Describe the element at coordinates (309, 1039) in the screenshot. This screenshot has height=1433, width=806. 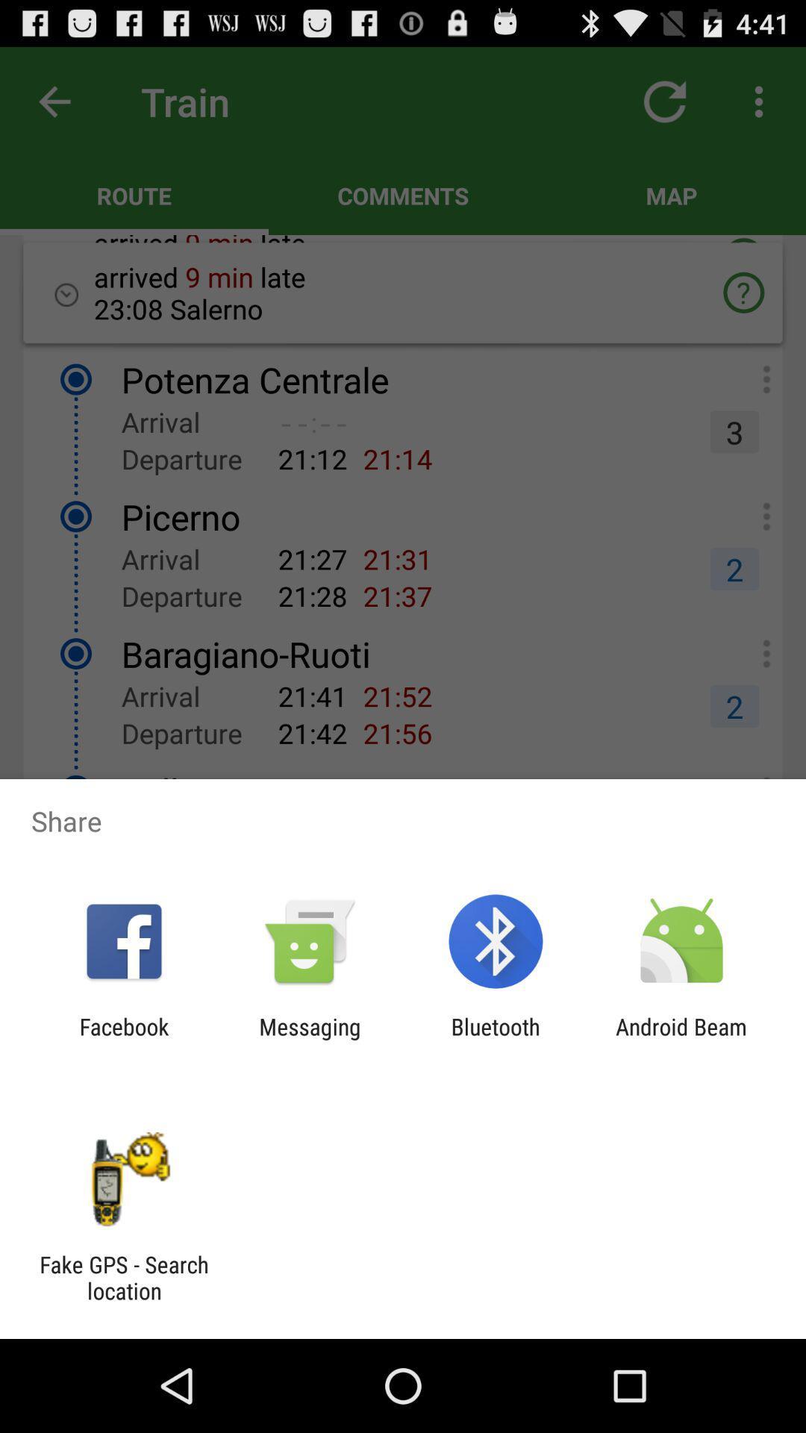
I see `messaging item` at that location.